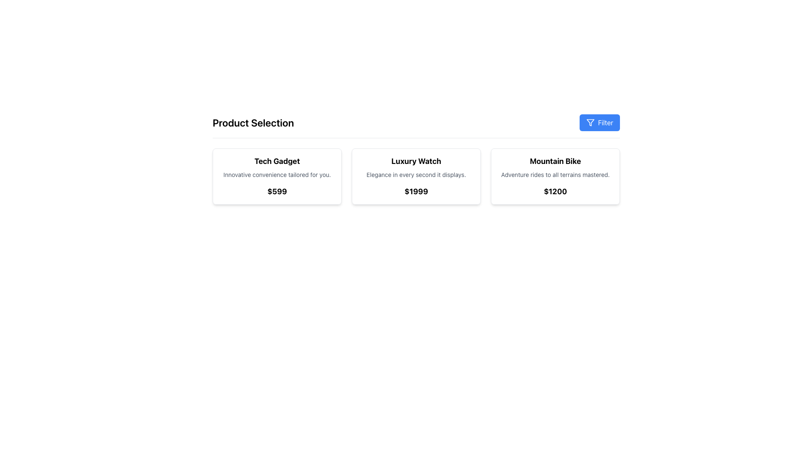 The height and width of the screenshot is (454, 807). I want to click on the text label that provides information about the product 'Luxury Watch', located below its title and above the price, so click(416, 174).